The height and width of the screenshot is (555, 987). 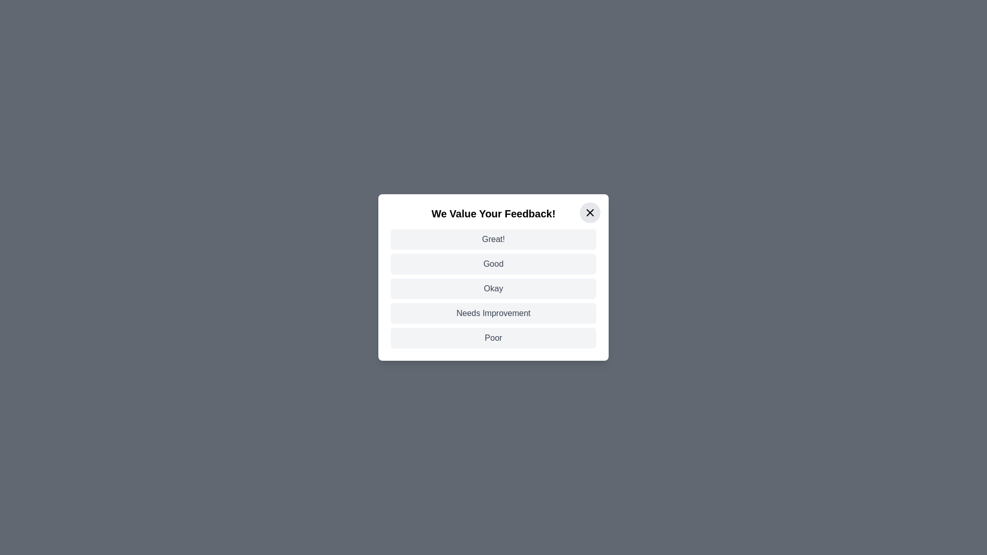 What do you see at coordinates (493, 263) in the screenshot?
I see `the feedback option Good` at bounding box center [493, 263].